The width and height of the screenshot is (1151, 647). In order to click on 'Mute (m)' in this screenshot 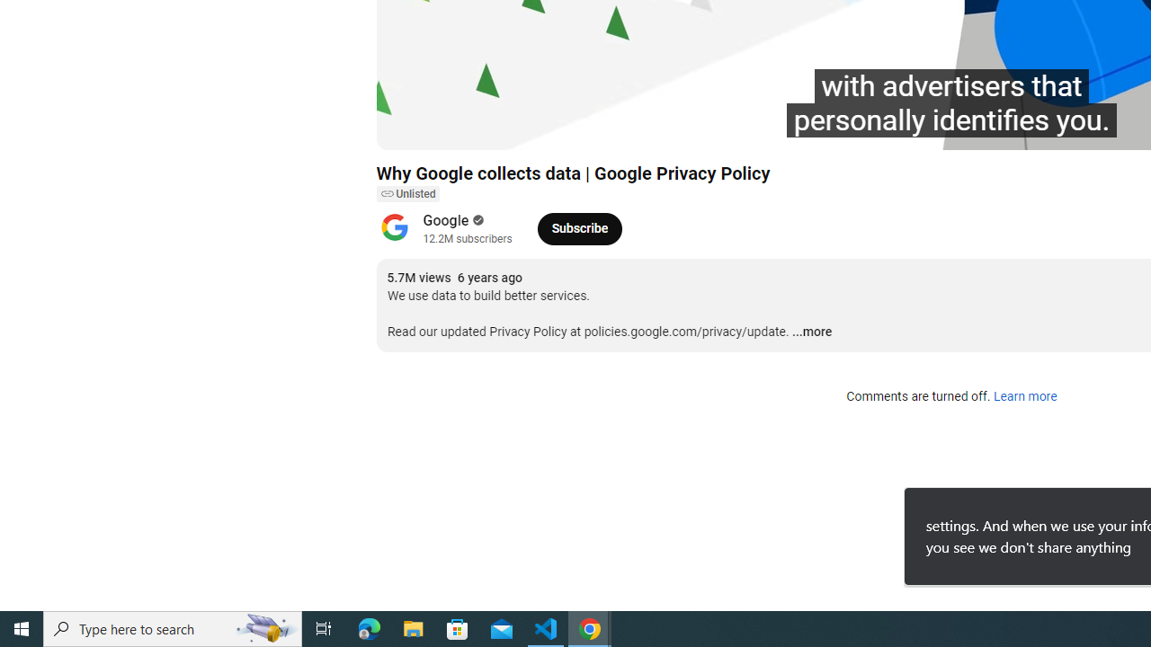, I will do `click(493, 127)`.